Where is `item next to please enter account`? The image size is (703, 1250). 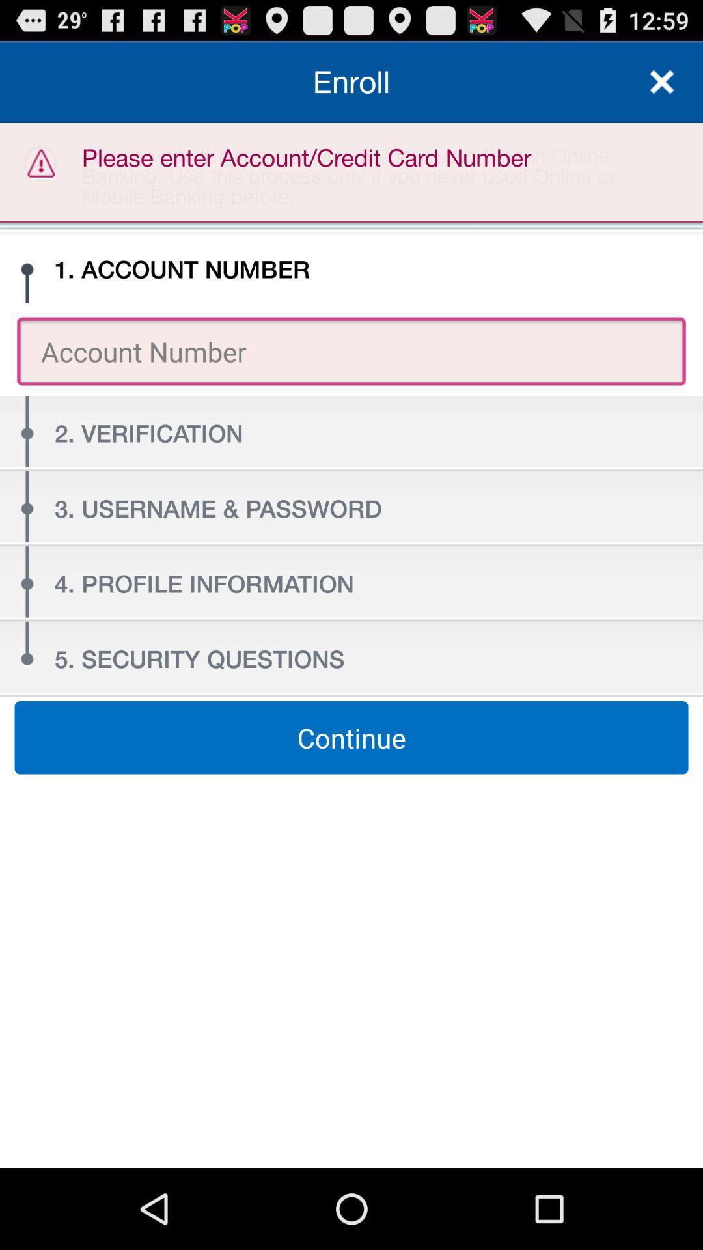 item next to please enter account is located at coordinates (662, 81).